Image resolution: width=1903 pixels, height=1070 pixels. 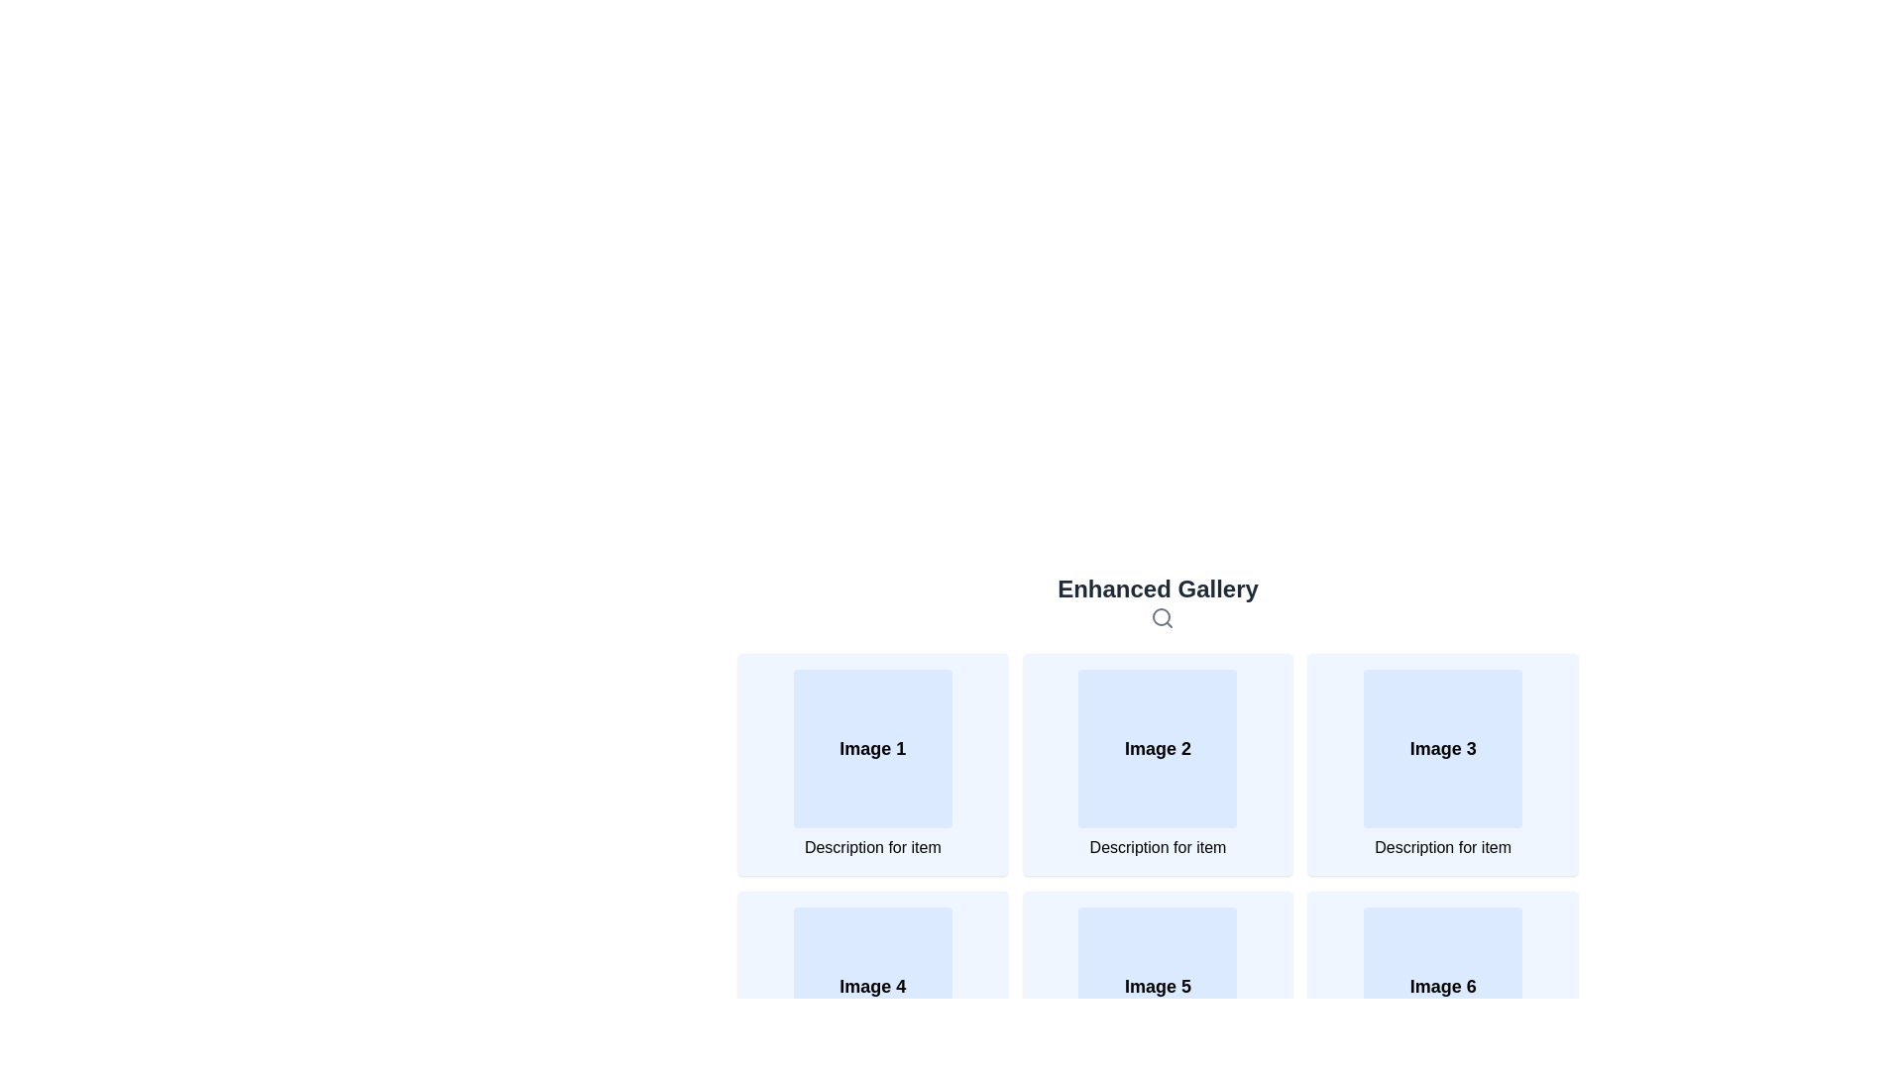 What do you see at coordinates (1158, 763) in the screenshot?
I see `the blue-shaded Informational card labeled 'Image 2', which is the second card in the first row of a 3x2 grid layout` at bounding box center [1158, 763].